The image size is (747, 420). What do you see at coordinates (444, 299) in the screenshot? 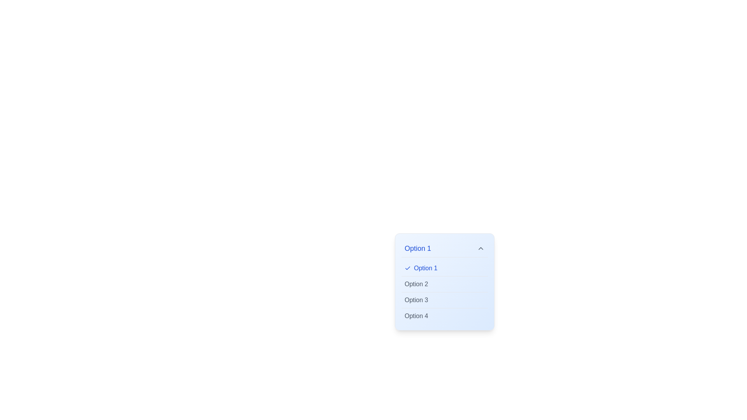
I see `to select 'Option 3' from the dropdown list, which is styled in muted gray and located below 'Option 2' and above 'Option 4'` at bounding box center [444, 299].